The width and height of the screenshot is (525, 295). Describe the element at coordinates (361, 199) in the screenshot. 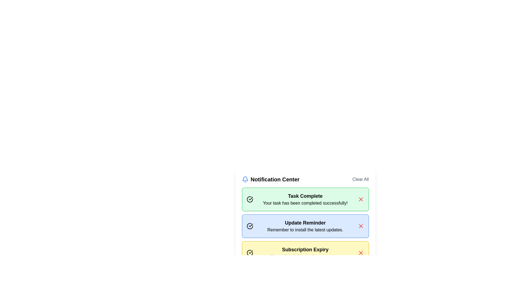

I see `the dismiss button located in the top-right corner of the 'Task Complete' notification card` at that location.